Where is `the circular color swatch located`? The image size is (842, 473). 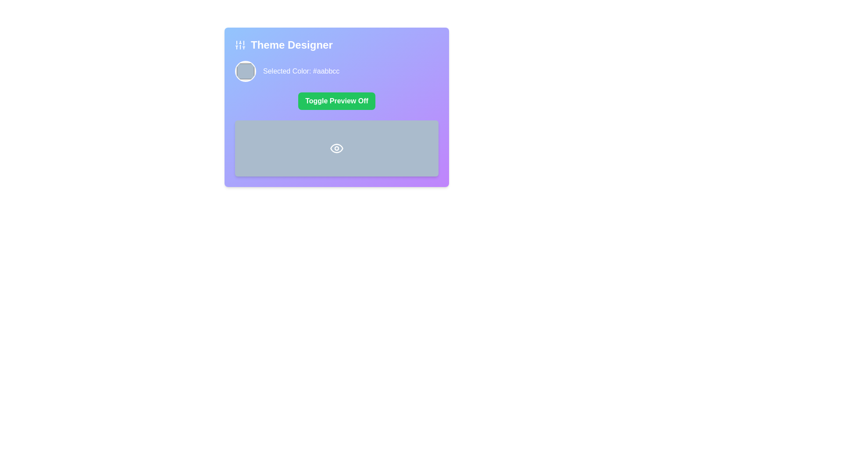 the circular color swatch located is located at coordinates (246, 71).